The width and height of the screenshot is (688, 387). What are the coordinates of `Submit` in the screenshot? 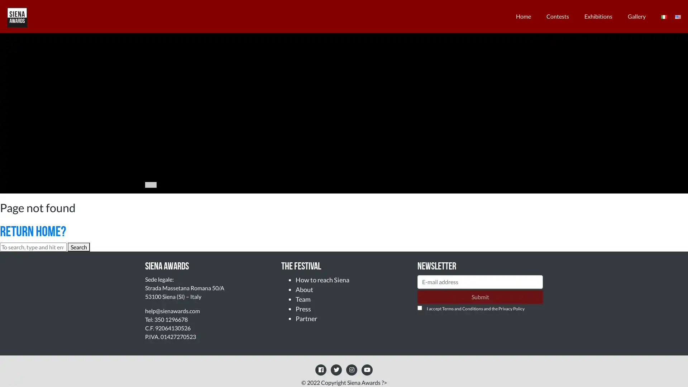 It's located at (480, 297).